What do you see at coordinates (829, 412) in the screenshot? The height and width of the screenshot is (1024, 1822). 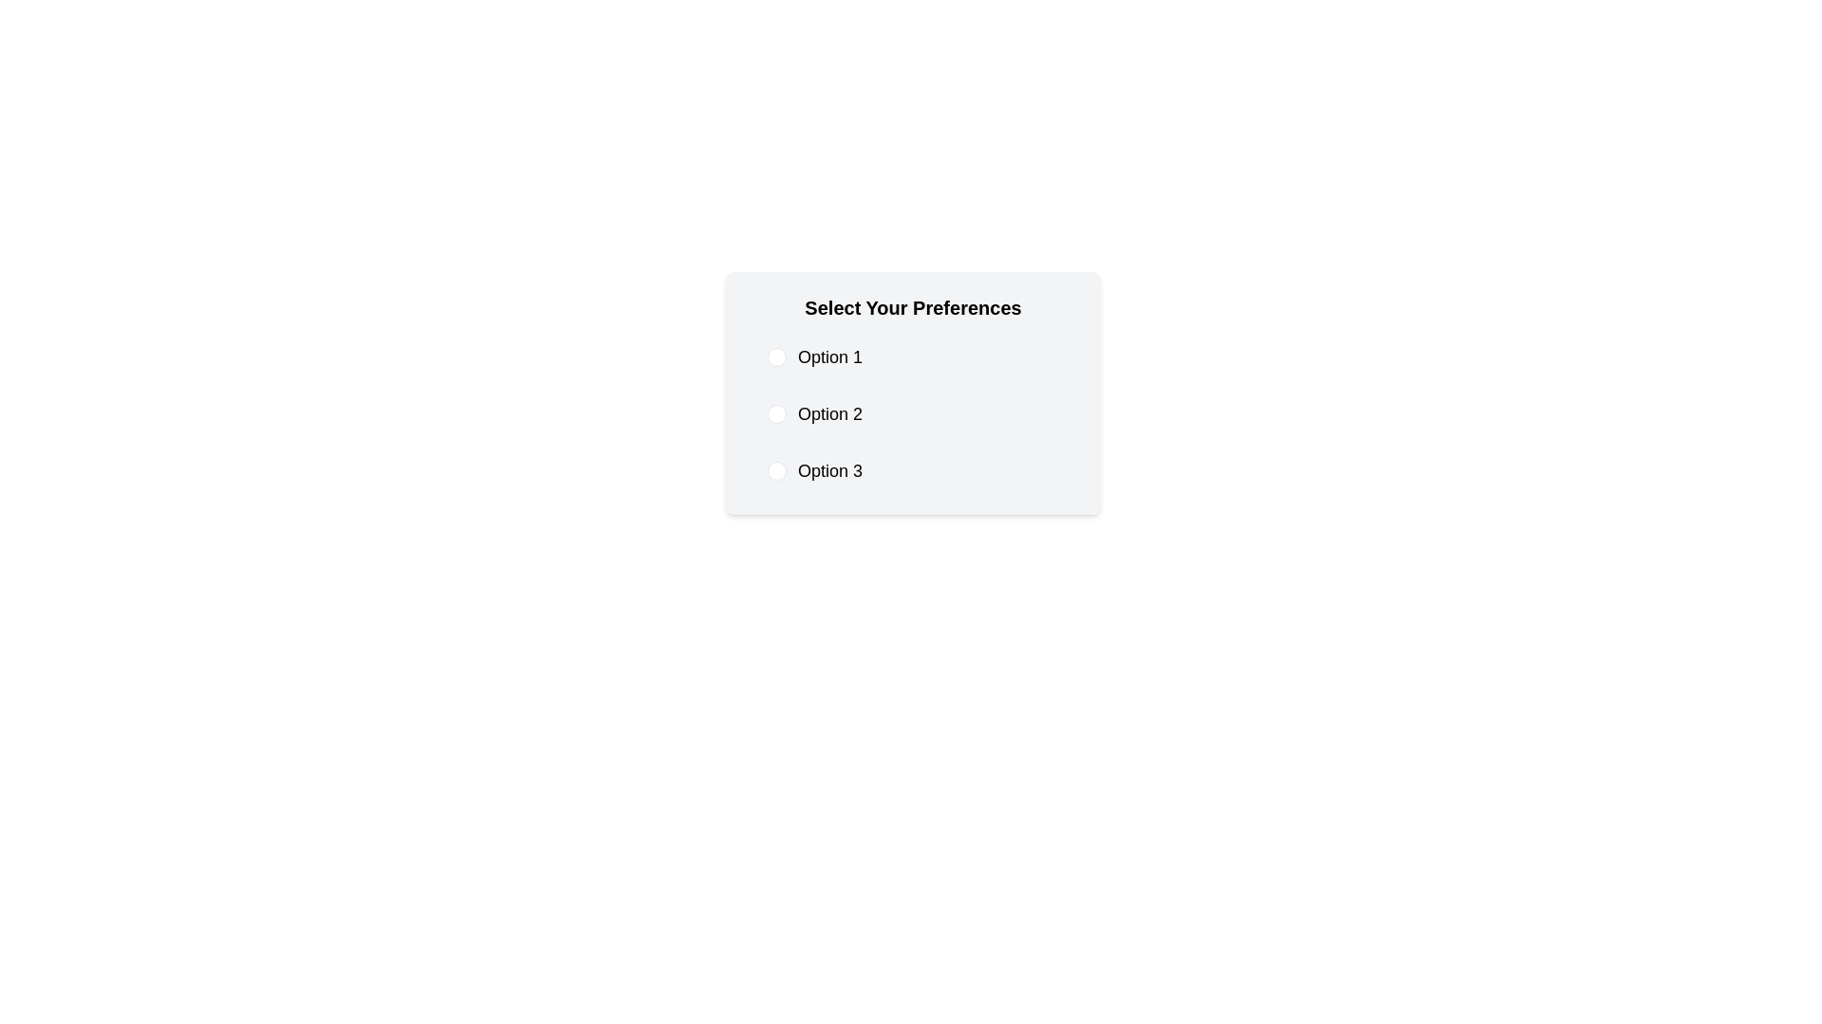 I see `text of the label for the second selectable option in a list of choices, positioned between 'Option 1' and 'Option 3' within a centered card component` at bounding box center [829, 412].